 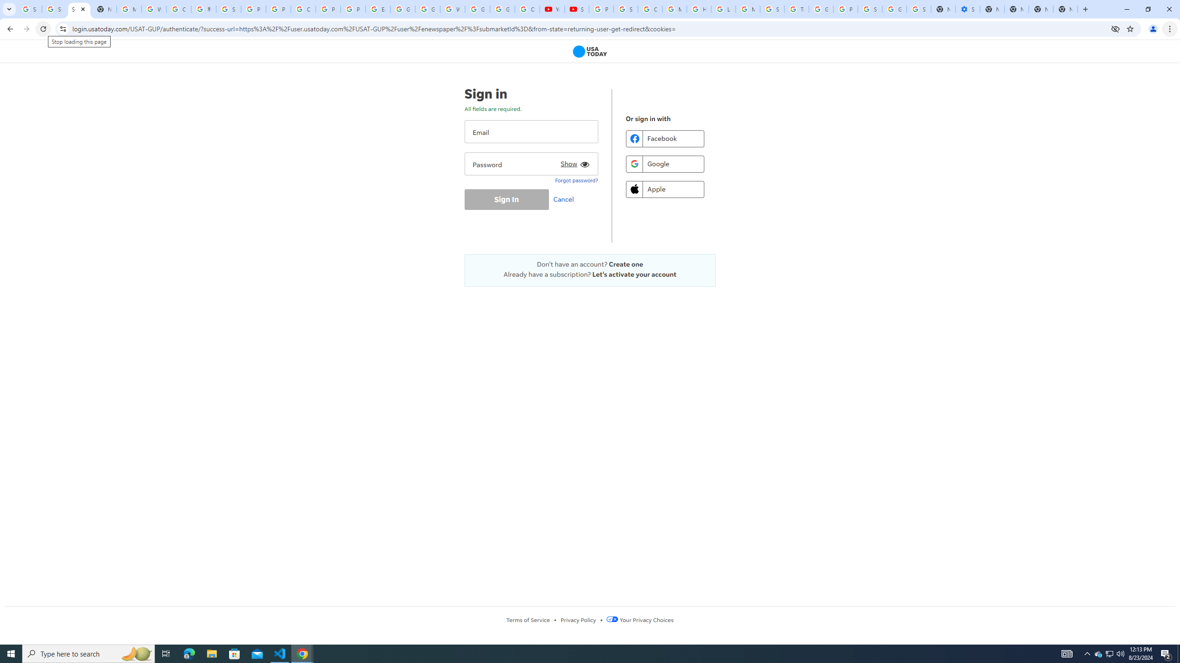 What do you see at coordinates (968, 9) in the screenshot?
I see `'Settings - Performance'` at bounding box center [968, 9].